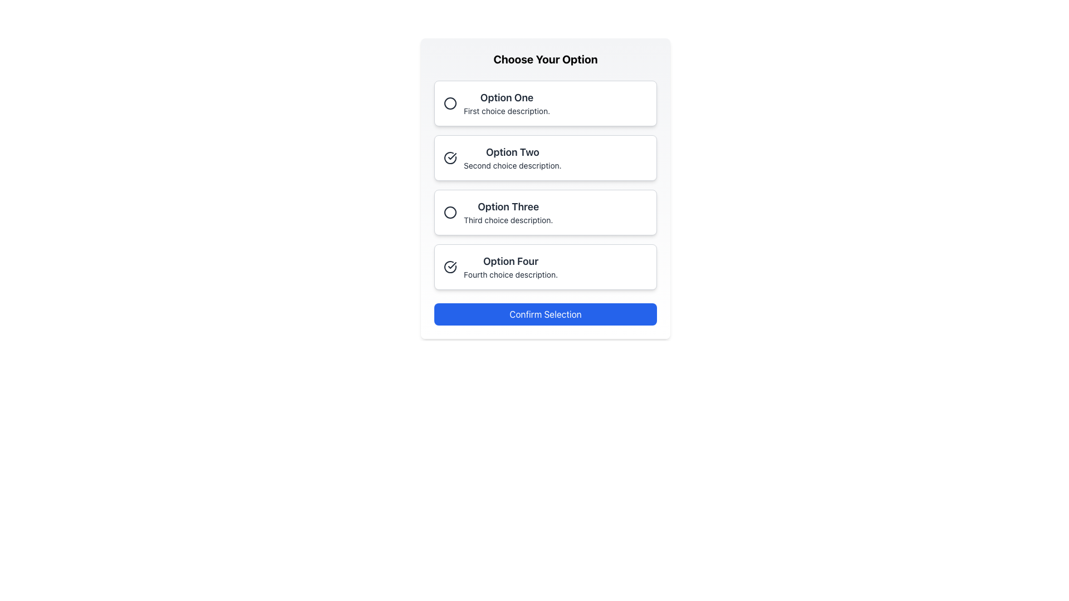 This screenshot has width=1069, height=601. What do you see at coordinates (506, 111) in the screenshot?
I see `the static text descriptor providing additional information about 'Option One', which is located directly under the title text of the first selectable option` at bounding box center [506, 111].